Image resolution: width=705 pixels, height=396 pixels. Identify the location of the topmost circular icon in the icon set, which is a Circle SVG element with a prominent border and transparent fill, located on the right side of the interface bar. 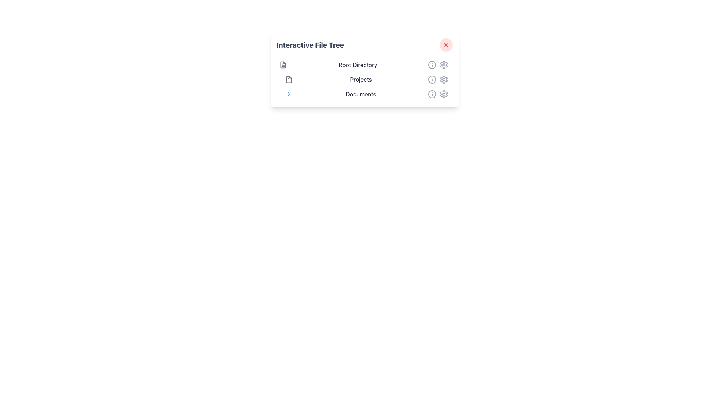
(432, 65).